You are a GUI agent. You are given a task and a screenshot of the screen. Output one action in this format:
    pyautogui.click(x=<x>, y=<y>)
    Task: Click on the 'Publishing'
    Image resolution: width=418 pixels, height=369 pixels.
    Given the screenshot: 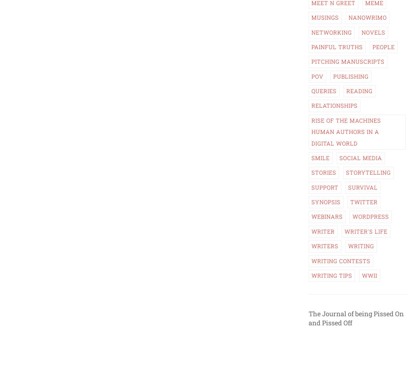 What is the action you would take?
    pyautogui.click(x=333, y=75)
    